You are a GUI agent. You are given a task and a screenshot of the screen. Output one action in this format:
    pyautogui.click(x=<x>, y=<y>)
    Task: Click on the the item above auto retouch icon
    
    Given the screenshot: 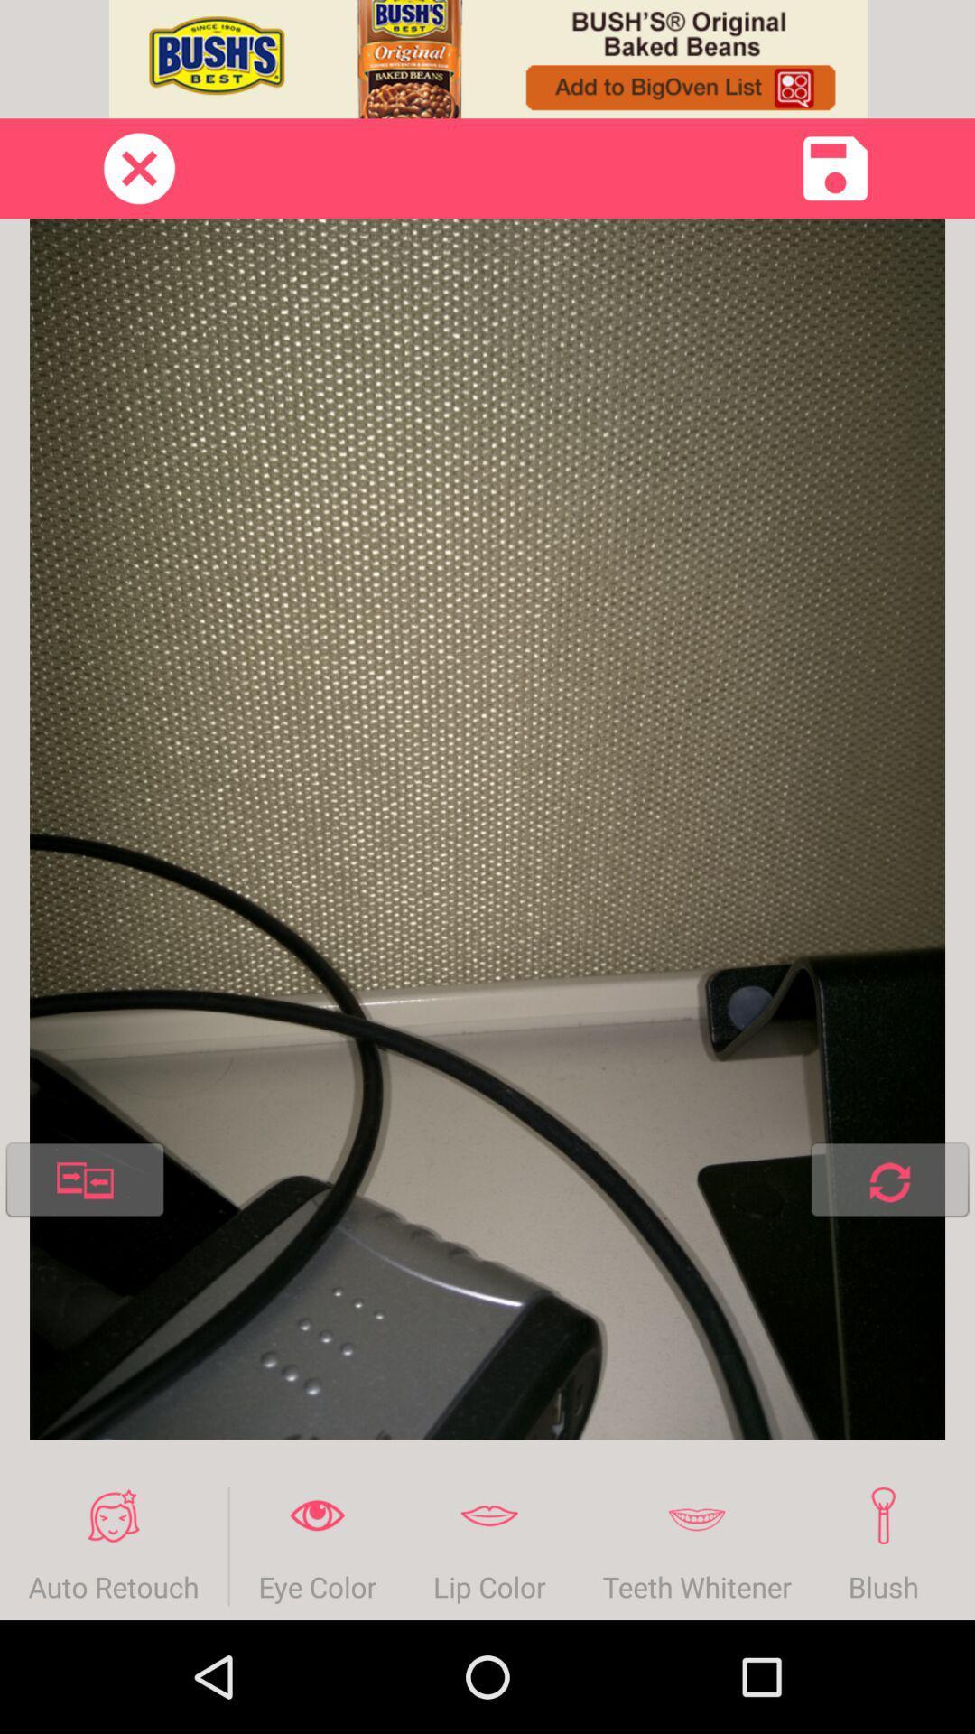 What is the action you would take?
    pyautogui.click(x=85, y=1183)
    